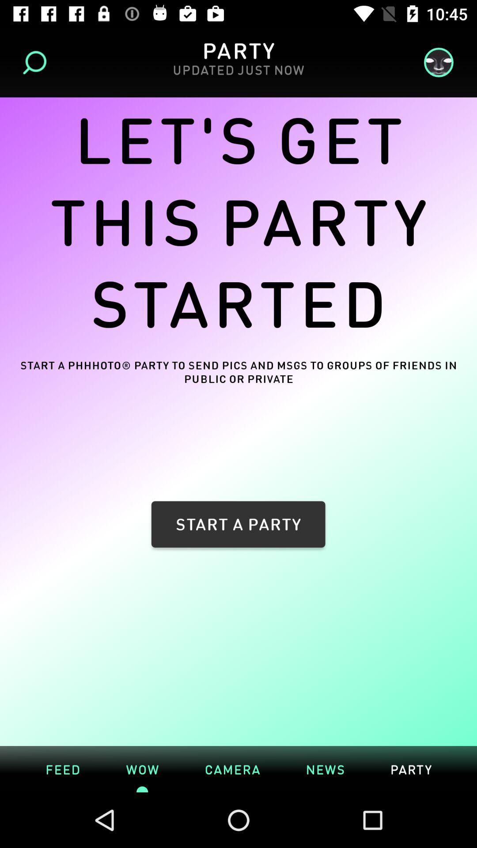  I want to click on camera icon, so click(232, 768).